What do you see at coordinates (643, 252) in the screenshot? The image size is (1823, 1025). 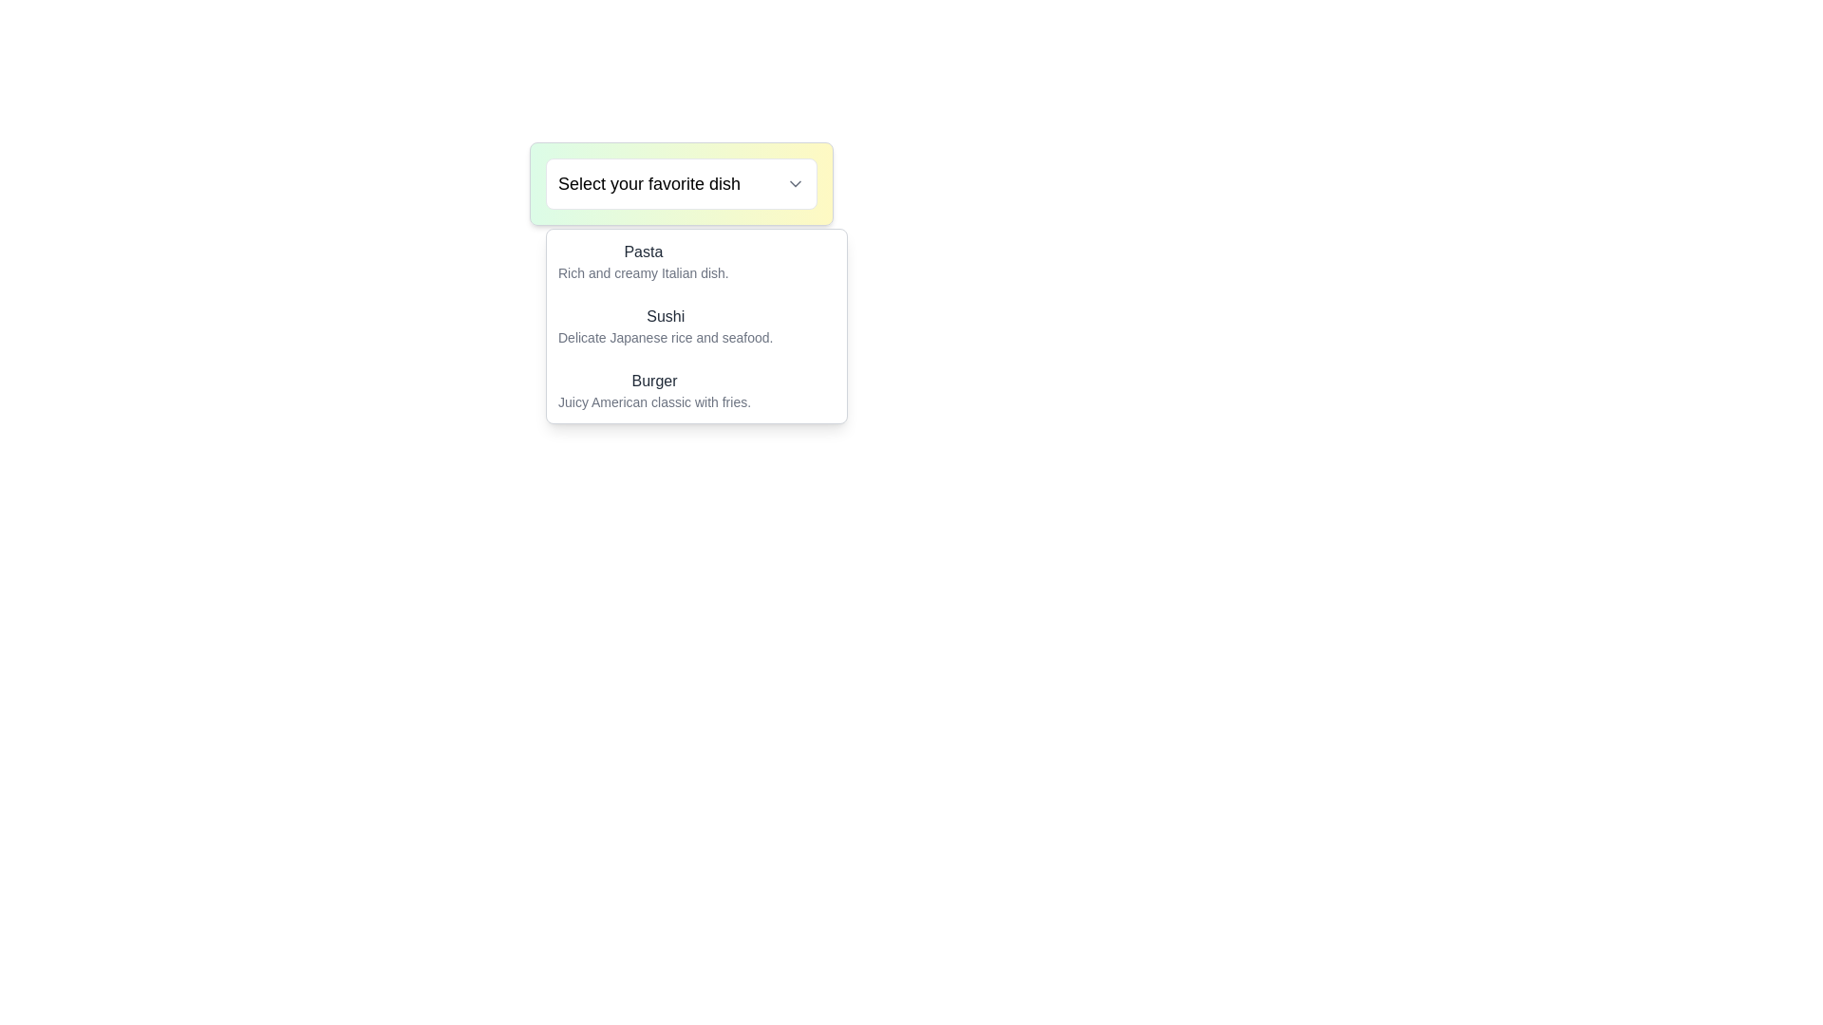 I see `the content of the 'Pasta' label, which is the first option in the dropdown menu` at bounding box center [643, 252].